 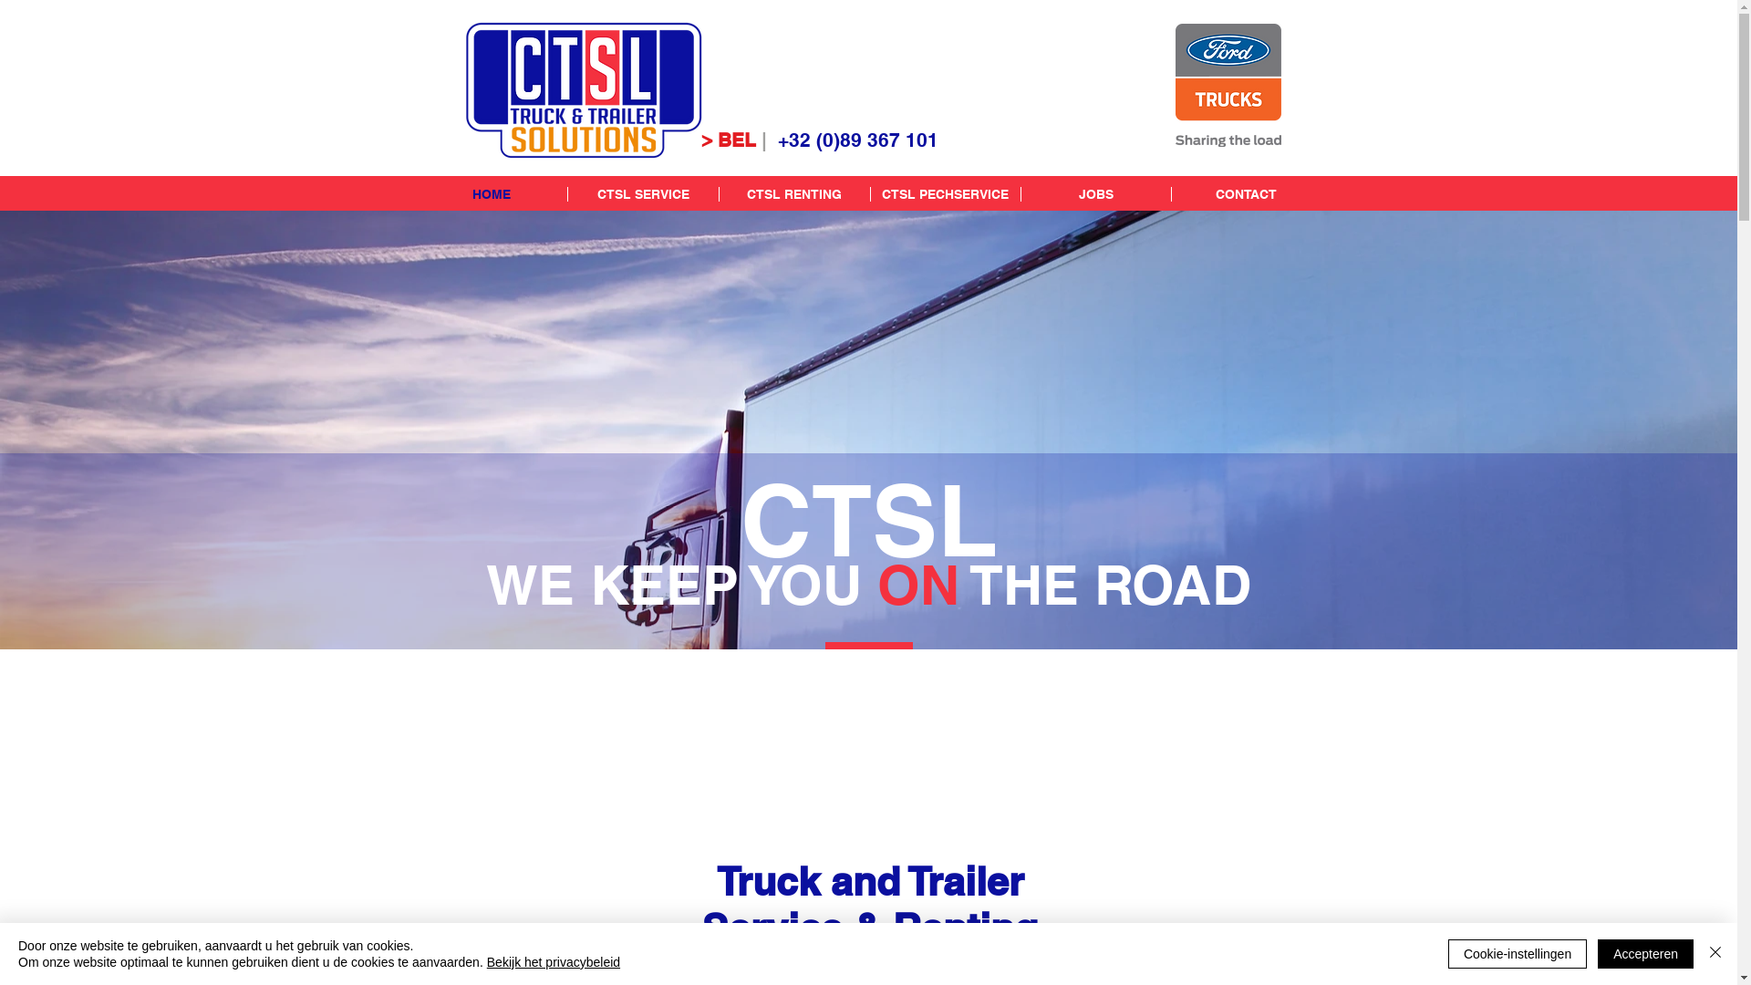 What do you see at coordinates (1645, 952) in the screenshot?
I see `'Accepteren'` at bounding box center [1645, 952].